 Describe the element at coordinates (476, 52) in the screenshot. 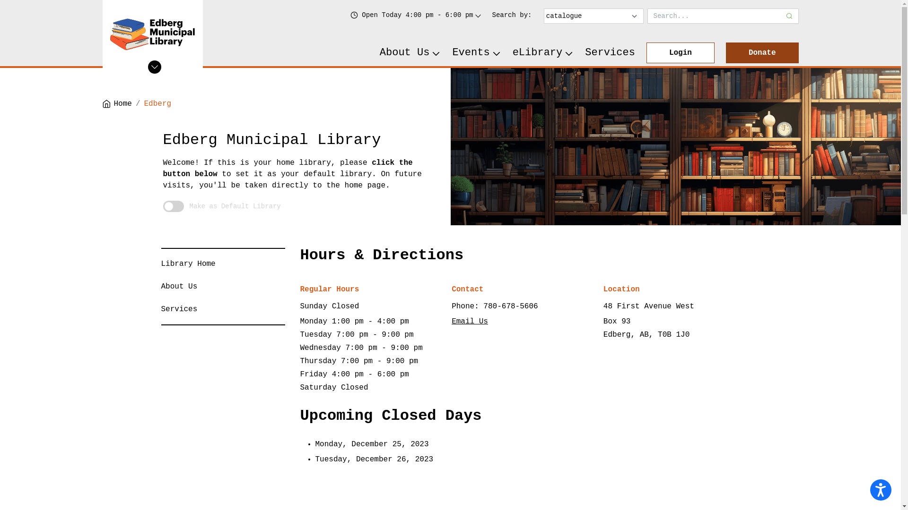

I see `'Events'` at that location.